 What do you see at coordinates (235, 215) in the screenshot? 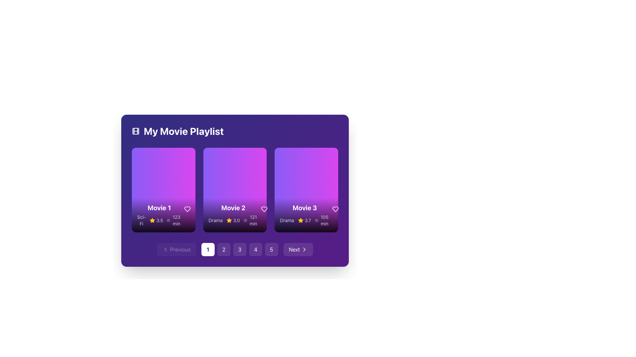
I see `information displayed in the informational area at the bottom of the movie card titled 'Movie 2', which includes its genre 'Drama', rating '3.0', and duration '121 min'` at bounding box center [235, 215].